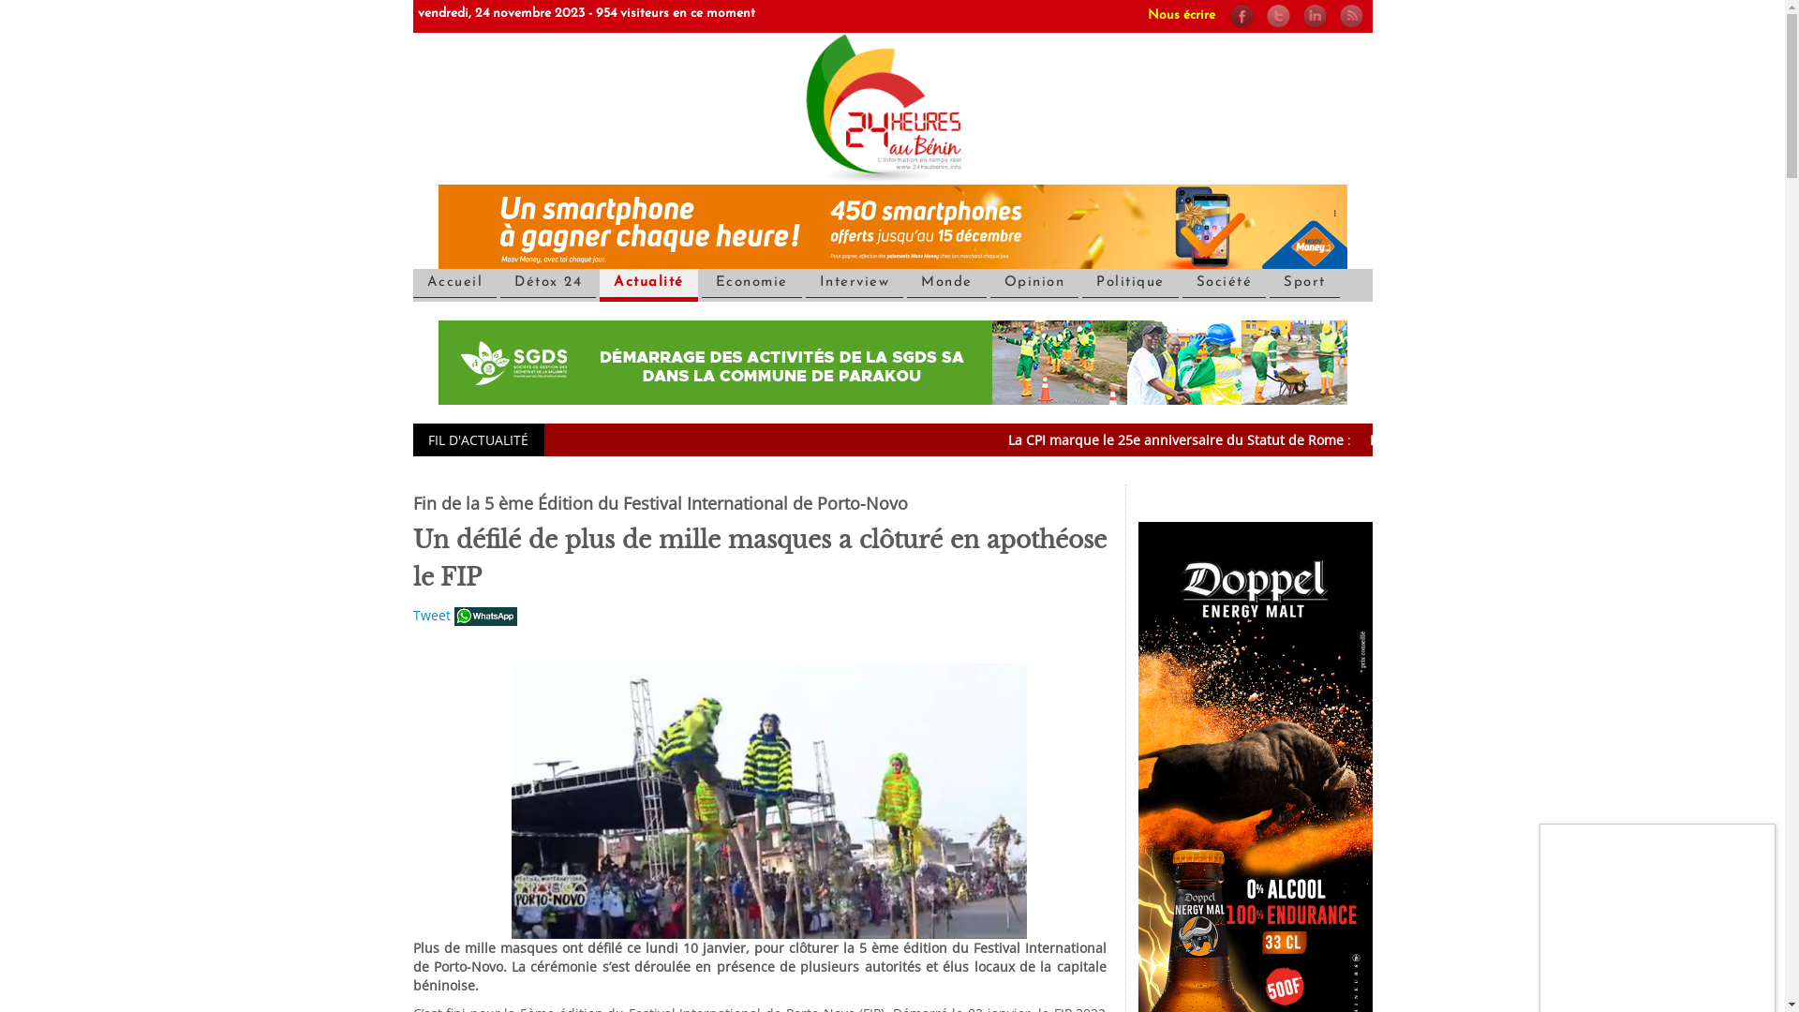  Describe the element at coordinates (1306, 439) in the screenshot. I see `'La CPI marque le 25e anniversaire du Statut de Rome :'` at that location.